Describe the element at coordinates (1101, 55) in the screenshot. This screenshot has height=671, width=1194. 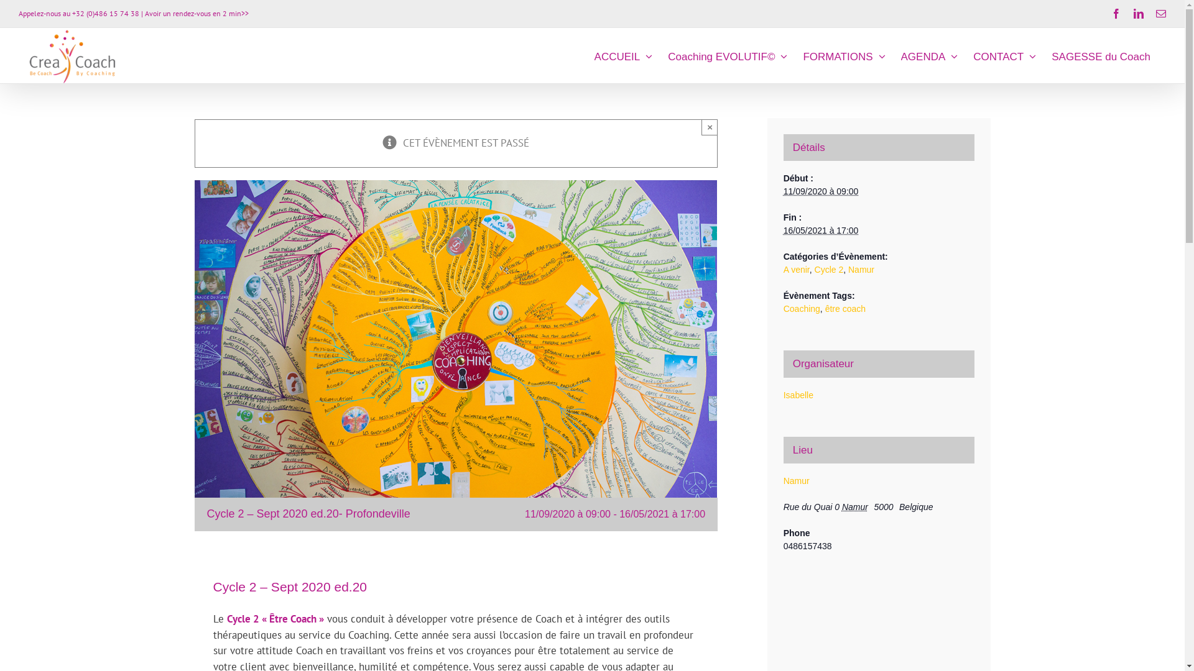
I see `'SAGESSE du Coach'` at that location.